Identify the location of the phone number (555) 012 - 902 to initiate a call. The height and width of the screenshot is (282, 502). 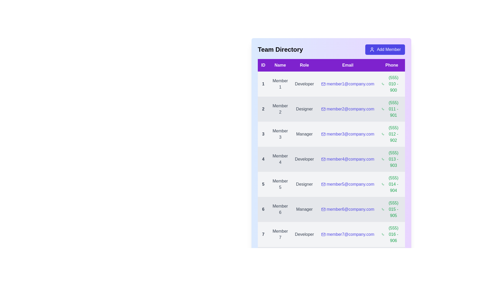
(392, 134).